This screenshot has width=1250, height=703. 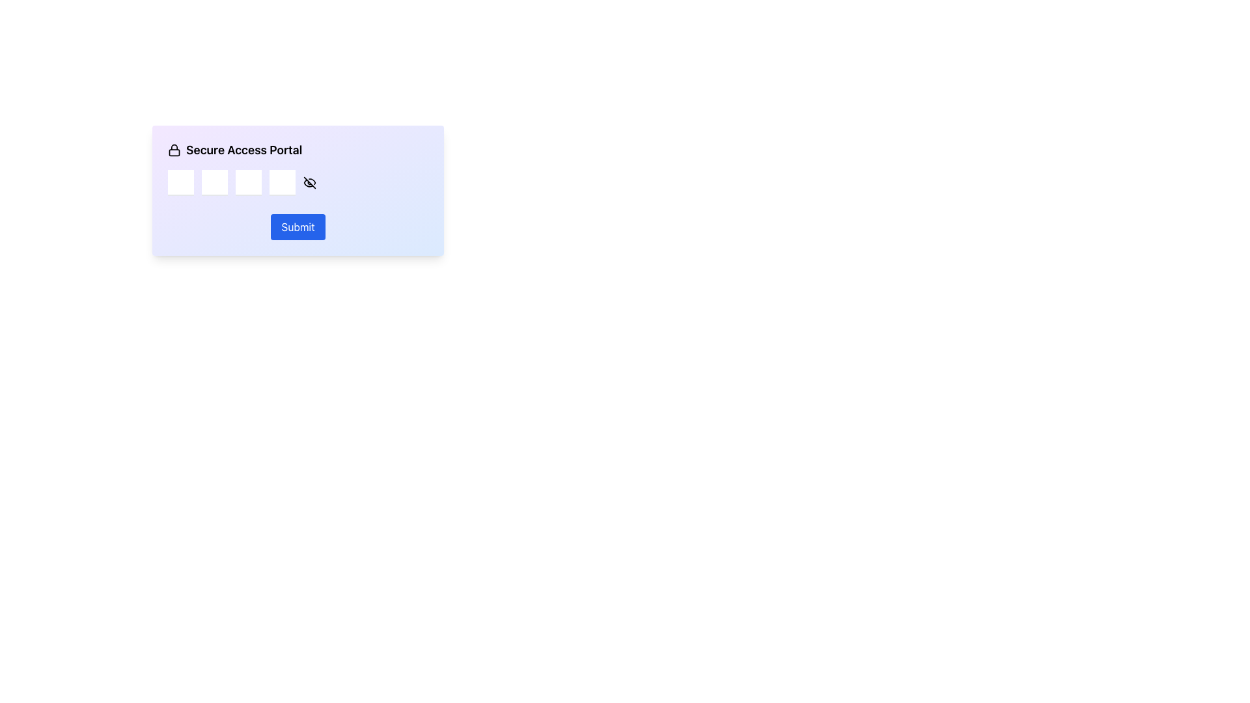 I want to click on the eye-slash icon located to the right of the text input fields in the Secure Access Portal form, so click(x=297, y=191).